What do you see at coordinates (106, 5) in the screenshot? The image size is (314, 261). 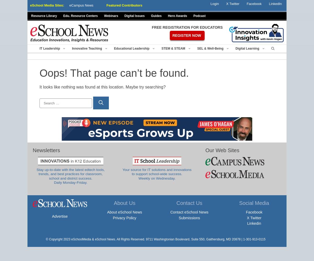 I see `'Featured Contributors'` at bounding box center [106, 5].